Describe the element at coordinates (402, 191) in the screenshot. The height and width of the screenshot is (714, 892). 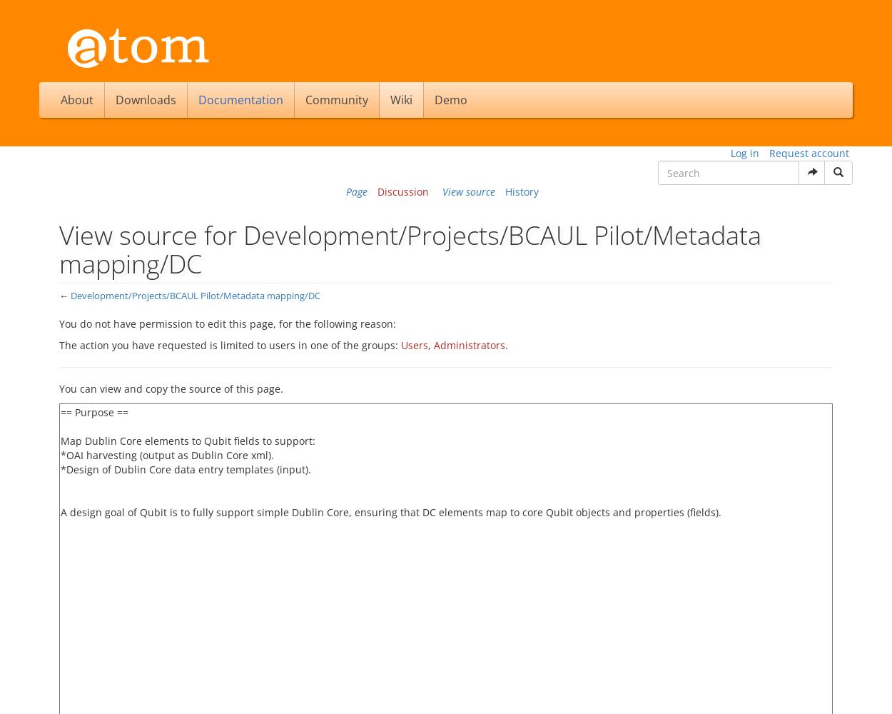
I see `'Discussion'` at that location.